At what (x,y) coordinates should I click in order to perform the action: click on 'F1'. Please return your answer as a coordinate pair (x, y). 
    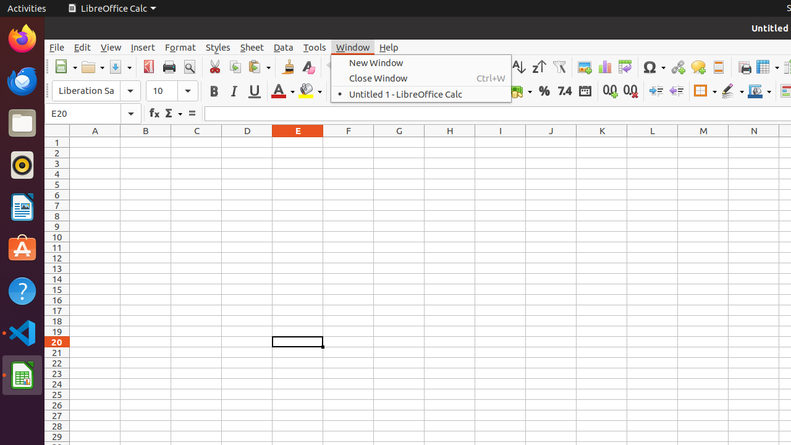
    Looking at the image, I should click on (347, 142).